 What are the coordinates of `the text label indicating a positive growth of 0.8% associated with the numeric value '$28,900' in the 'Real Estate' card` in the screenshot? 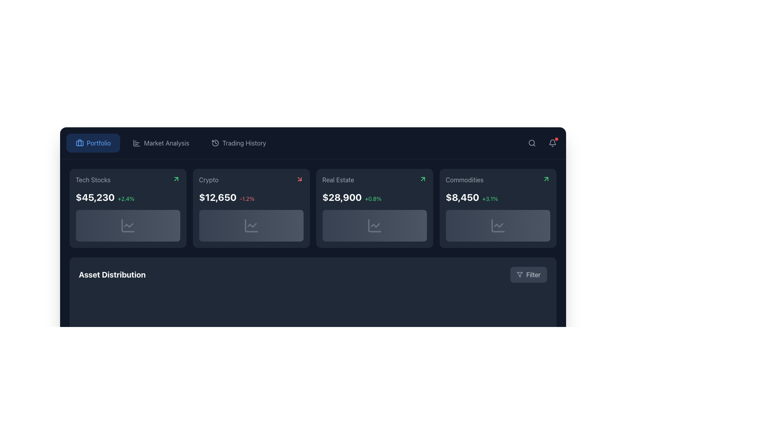 It's located at (373, 198).